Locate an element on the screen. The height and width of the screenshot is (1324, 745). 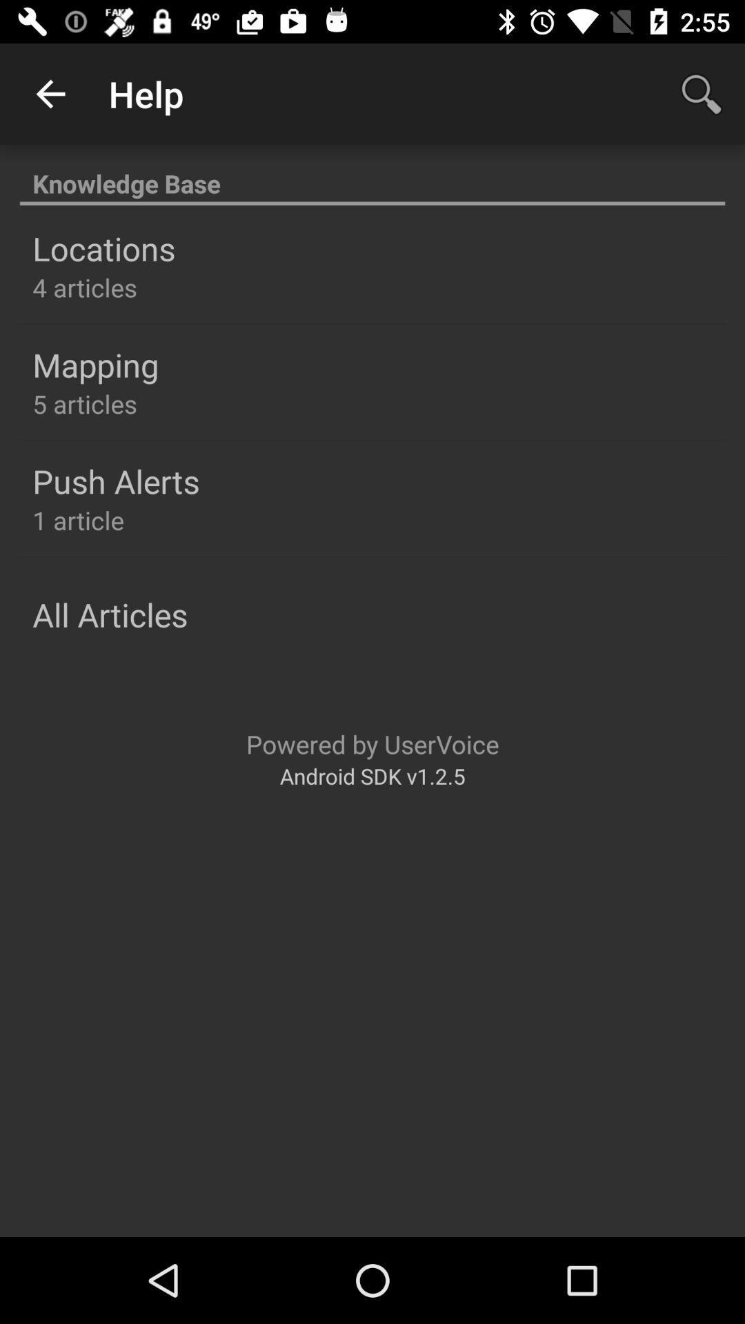
the item above the locations item is located at coordinates (372, 175).